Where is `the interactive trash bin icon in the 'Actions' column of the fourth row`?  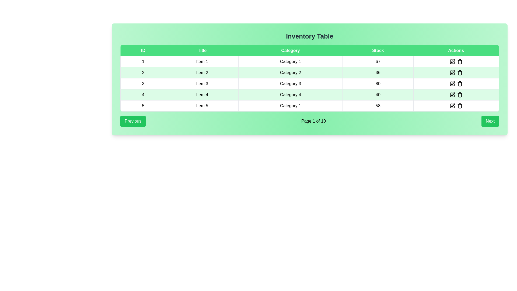 the interactive trash bin icon in the 'Actions' column of the fourth row is located at coordinates (460, 94).